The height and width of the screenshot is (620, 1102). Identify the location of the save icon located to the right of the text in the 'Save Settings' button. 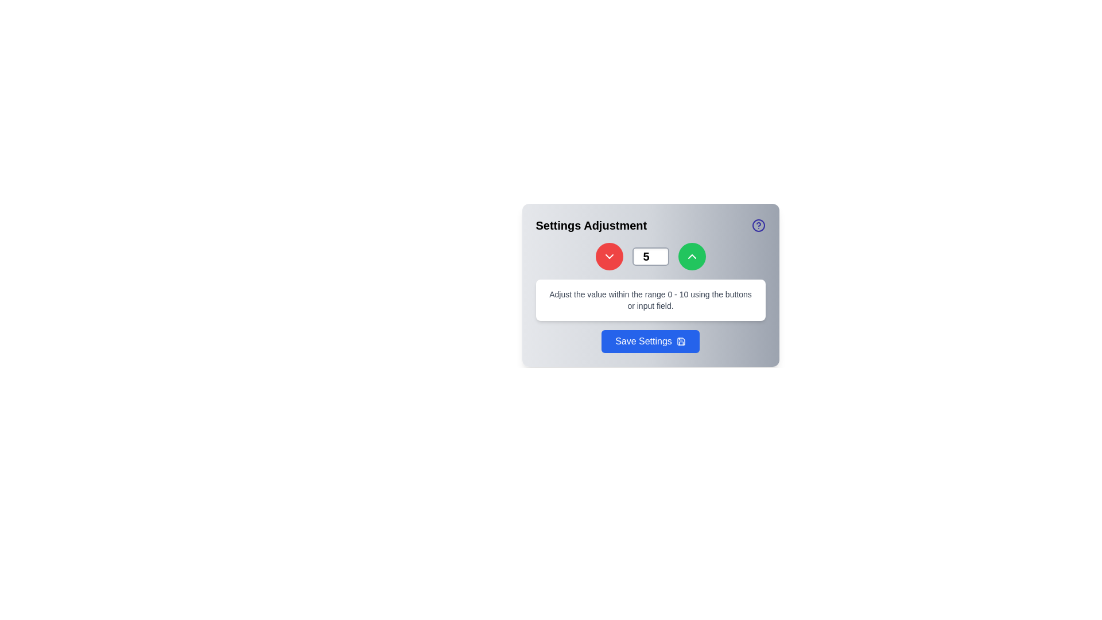
(681, 340).